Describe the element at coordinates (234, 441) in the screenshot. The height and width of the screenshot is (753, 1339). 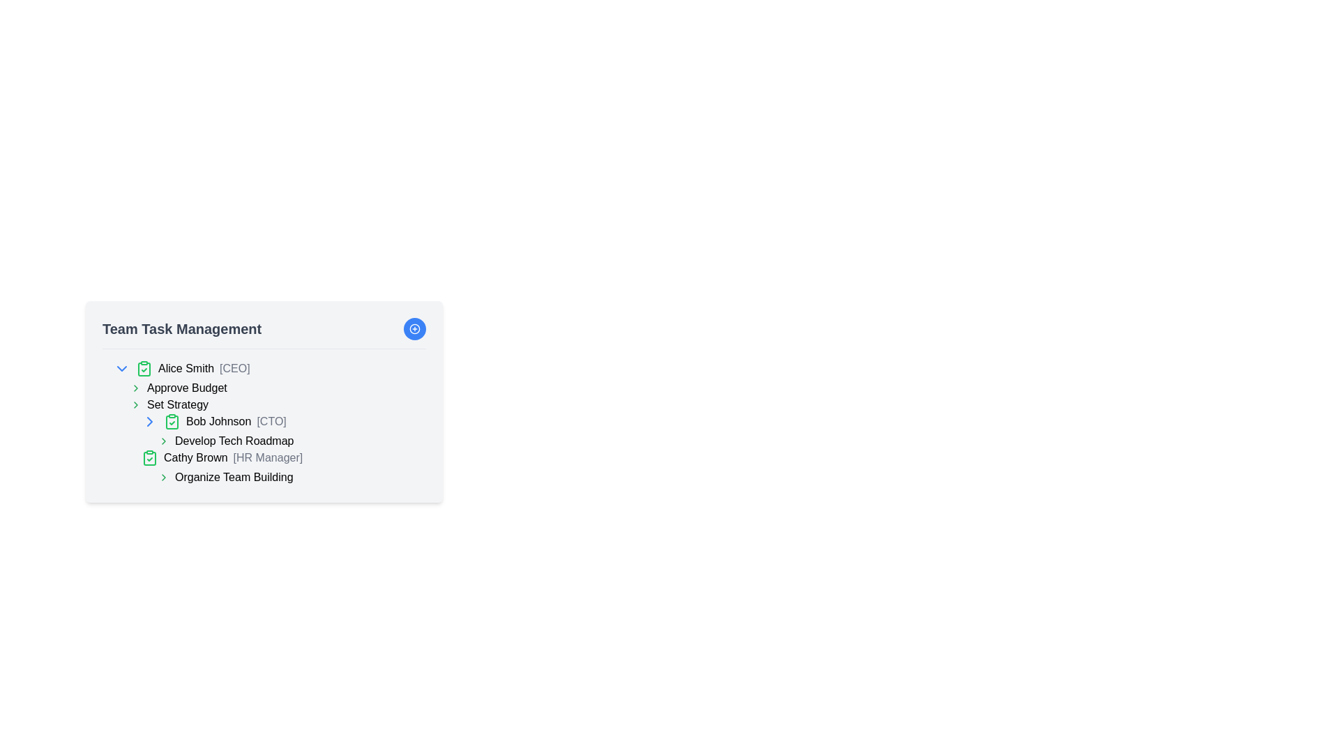
I see `the 'Develop Tech Roadmap' text label, which is styled in black and located under 'Bob Johnson [CTO]' in the task management list` at that location.